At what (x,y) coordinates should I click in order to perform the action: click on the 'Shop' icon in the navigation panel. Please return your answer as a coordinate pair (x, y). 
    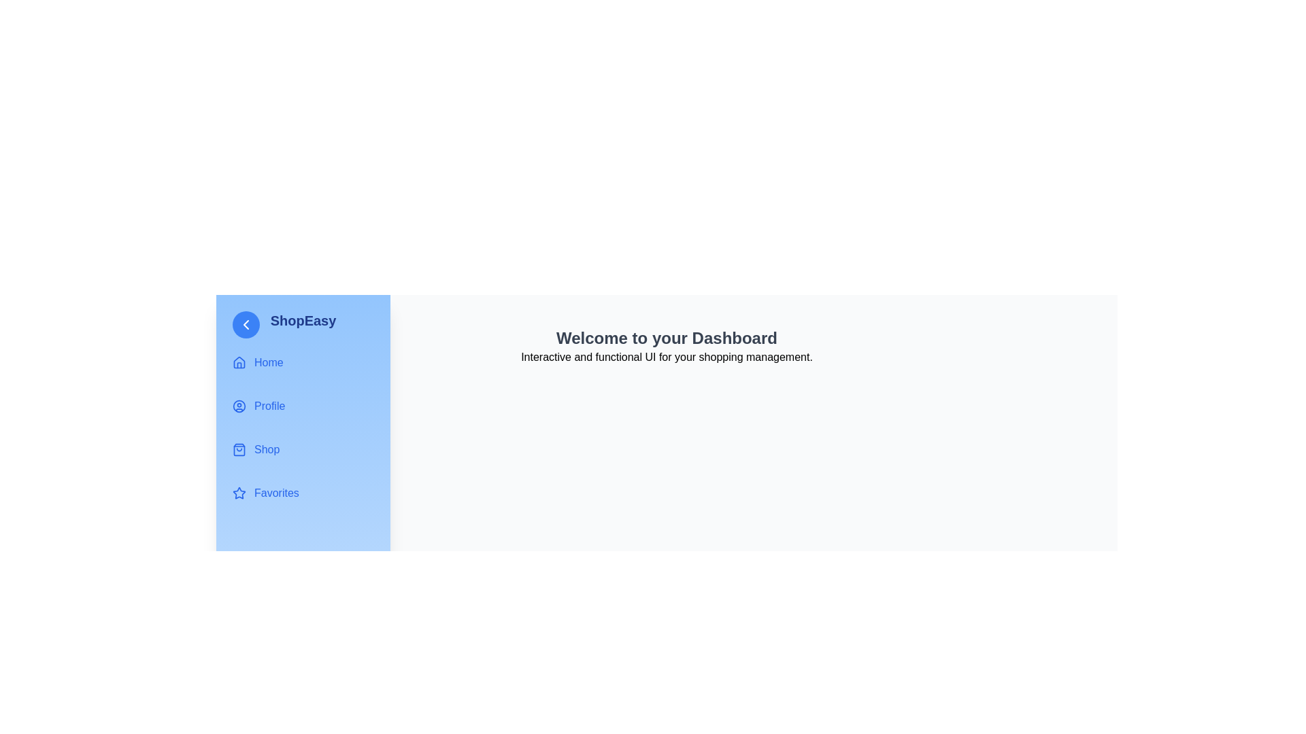
    Looking at the image, I should click on (239, 450).